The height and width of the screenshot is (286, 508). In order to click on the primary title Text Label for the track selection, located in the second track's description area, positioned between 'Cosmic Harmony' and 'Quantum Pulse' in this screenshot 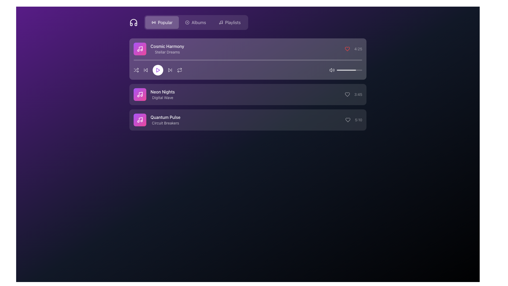, I will do `click(162, 92)`.